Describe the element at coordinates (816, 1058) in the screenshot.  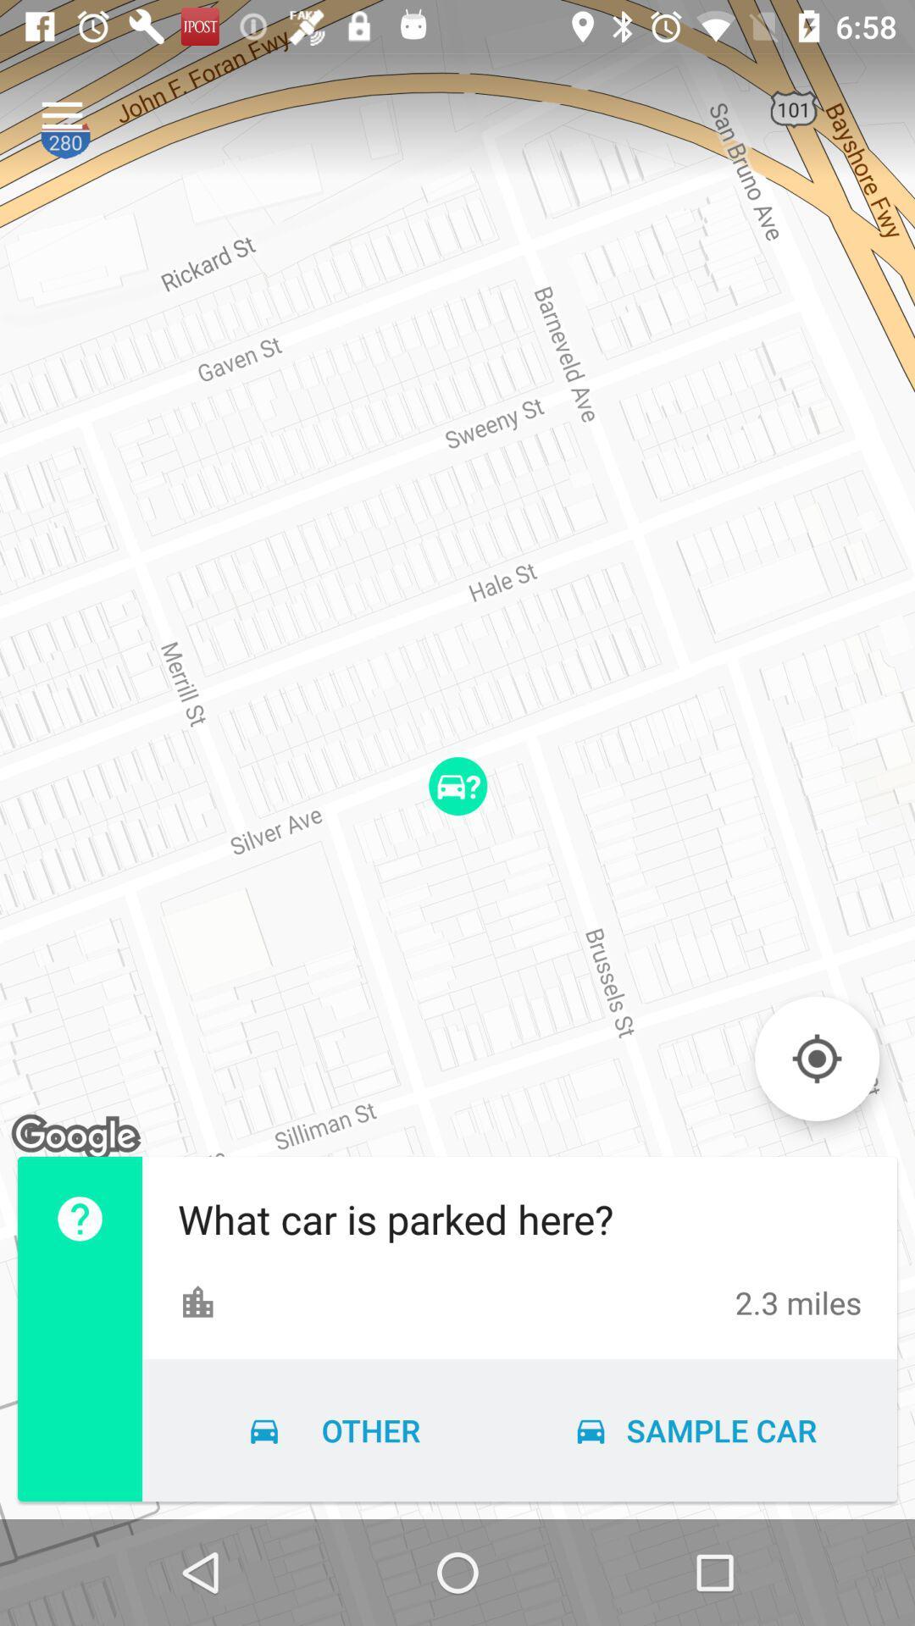
I see `recenter your location` at that location.